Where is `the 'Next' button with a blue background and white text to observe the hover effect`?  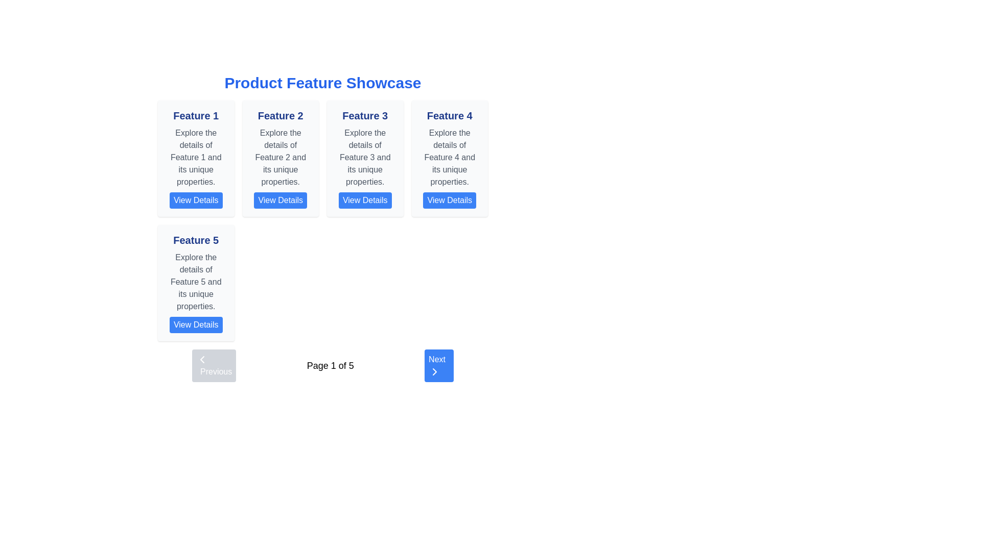 the 'Next' button with a blue background and white text to observe the hover effect is located at coordinates (439, 365).